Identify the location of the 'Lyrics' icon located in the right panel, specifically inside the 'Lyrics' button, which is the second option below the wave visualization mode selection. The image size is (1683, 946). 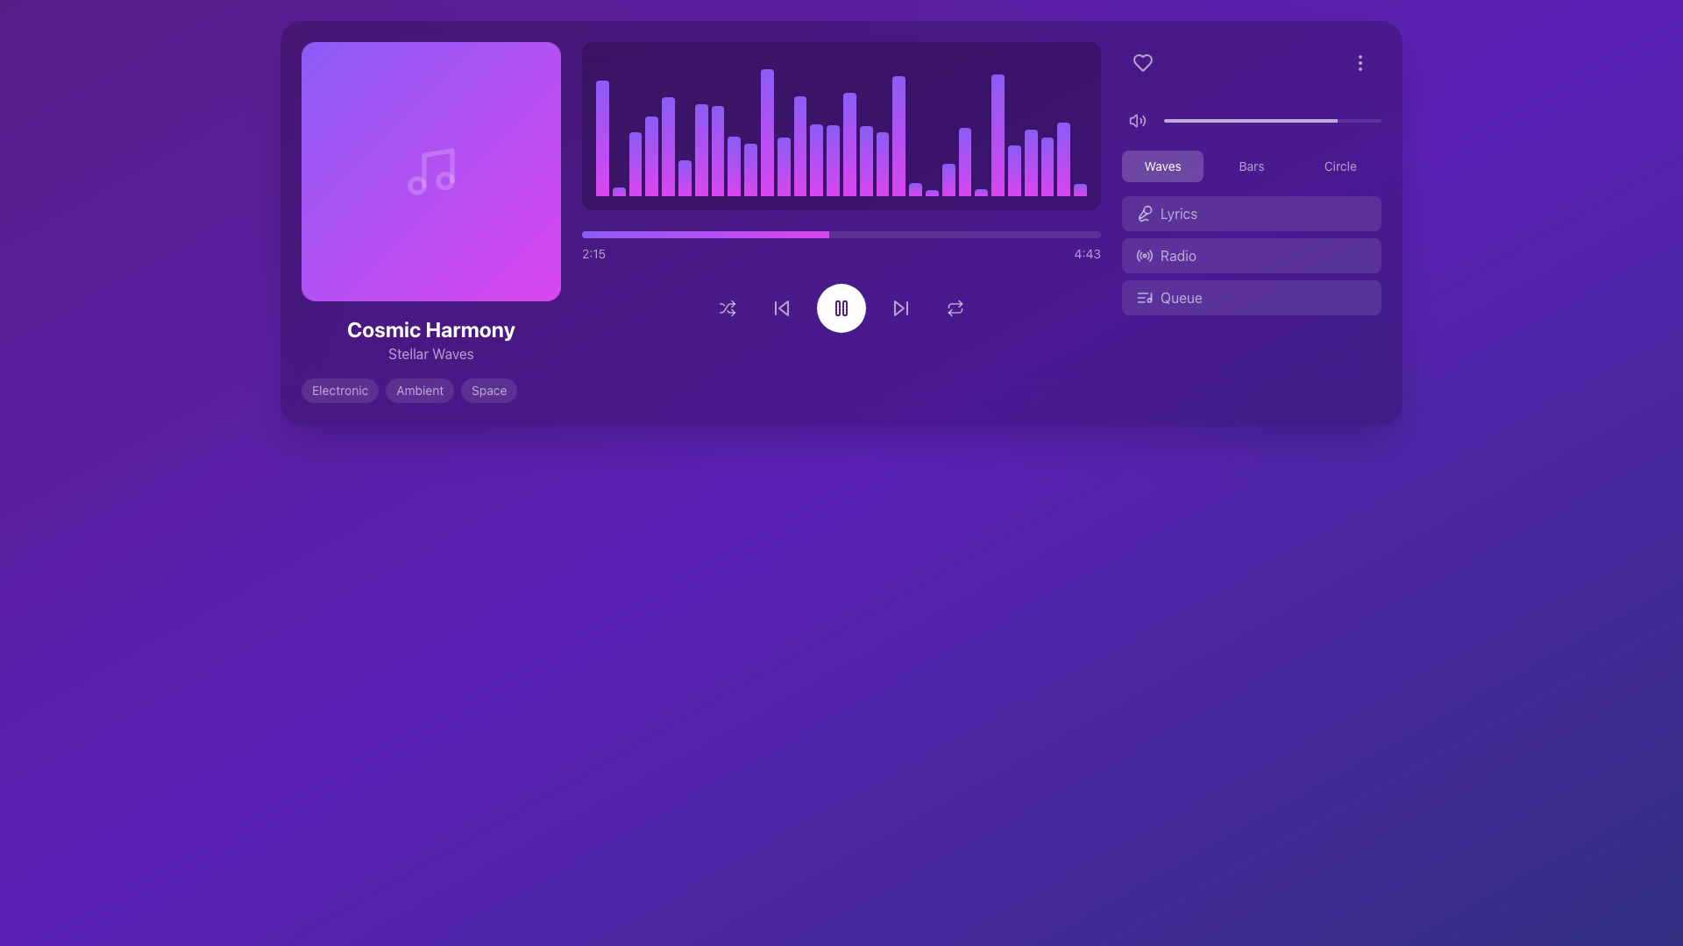
(1144, 212).